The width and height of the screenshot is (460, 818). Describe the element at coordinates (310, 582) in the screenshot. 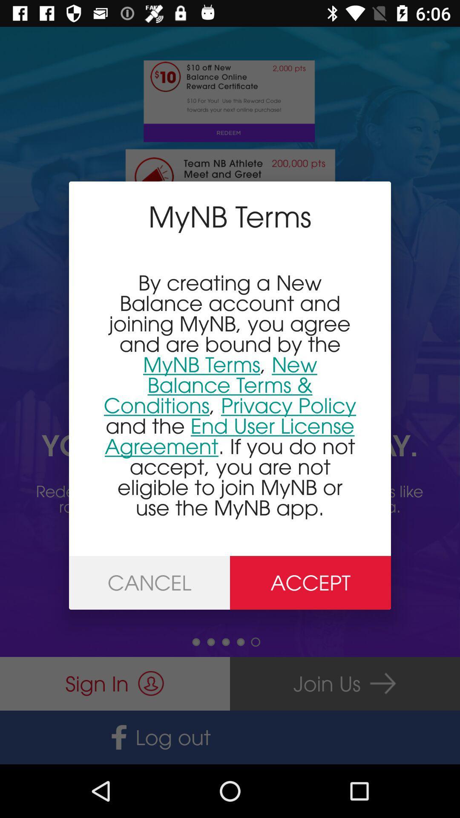

I see `the icon next to cancel` at that location.